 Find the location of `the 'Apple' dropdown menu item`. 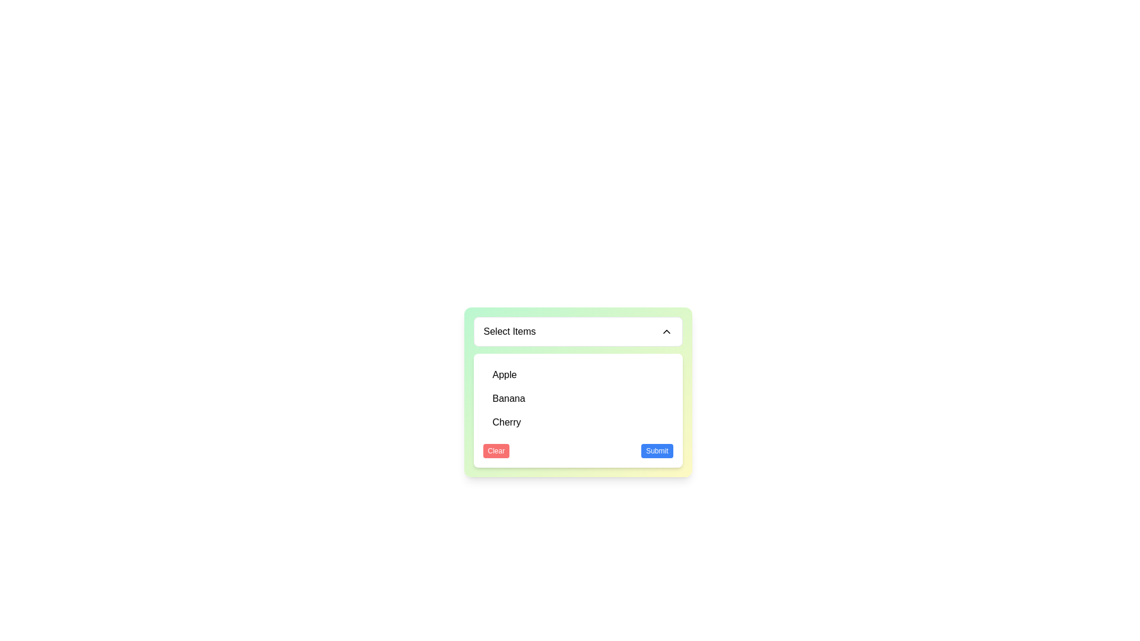

the 'Apple' dropdown menu item is located at coordinates (504, 375).